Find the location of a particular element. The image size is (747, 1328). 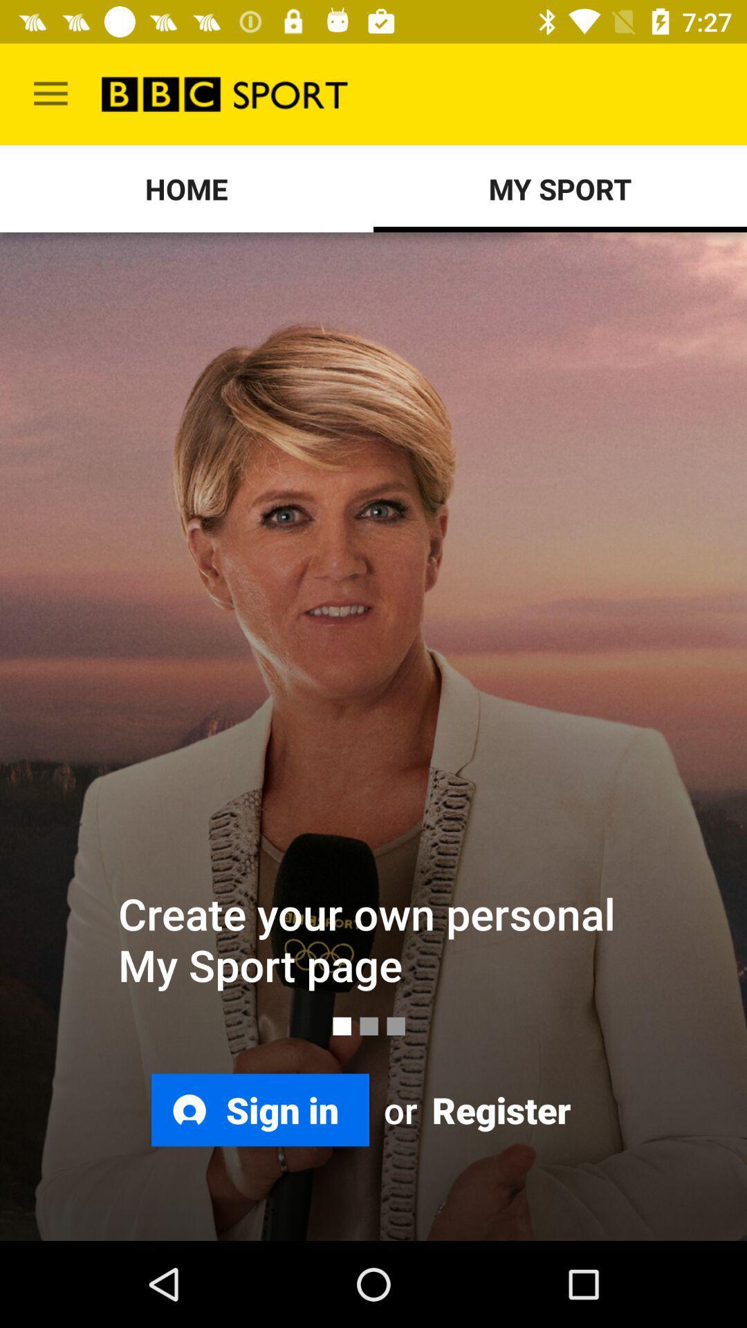

home icon is located at coordinates (187, 188).